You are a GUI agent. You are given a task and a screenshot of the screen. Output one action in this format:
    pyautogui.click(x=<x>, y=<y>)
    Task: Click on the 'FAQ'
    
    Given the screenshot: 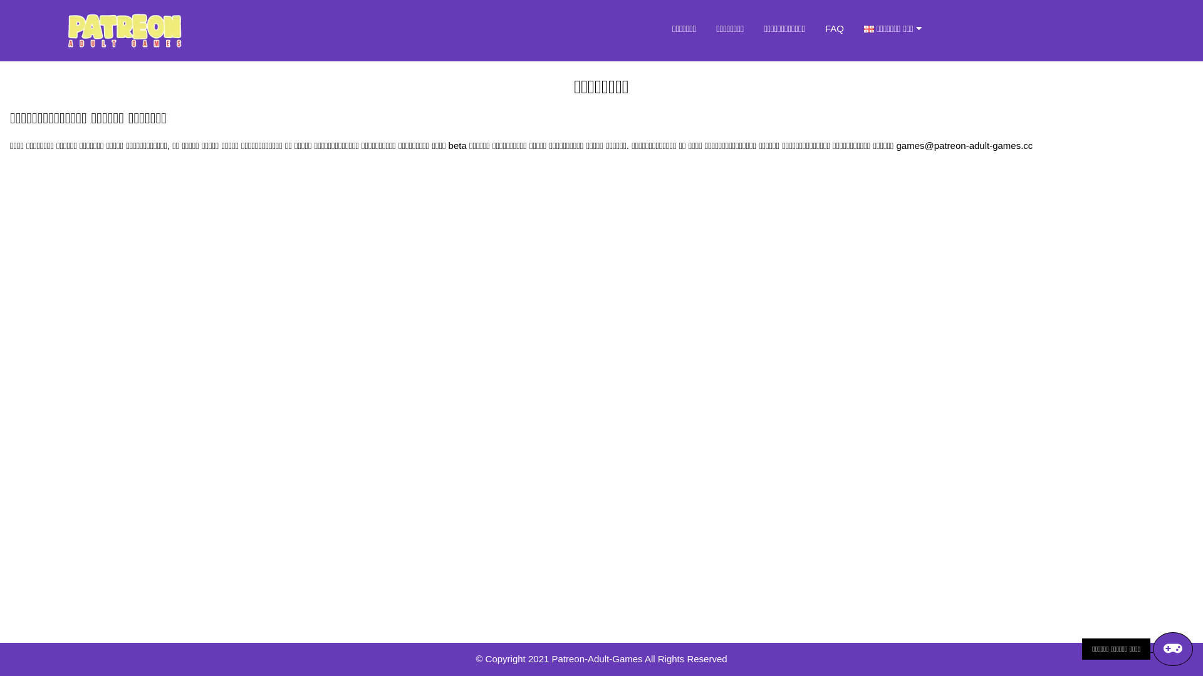 What is the action you would take?
    pyautogui.click(x=834, y=28)
    